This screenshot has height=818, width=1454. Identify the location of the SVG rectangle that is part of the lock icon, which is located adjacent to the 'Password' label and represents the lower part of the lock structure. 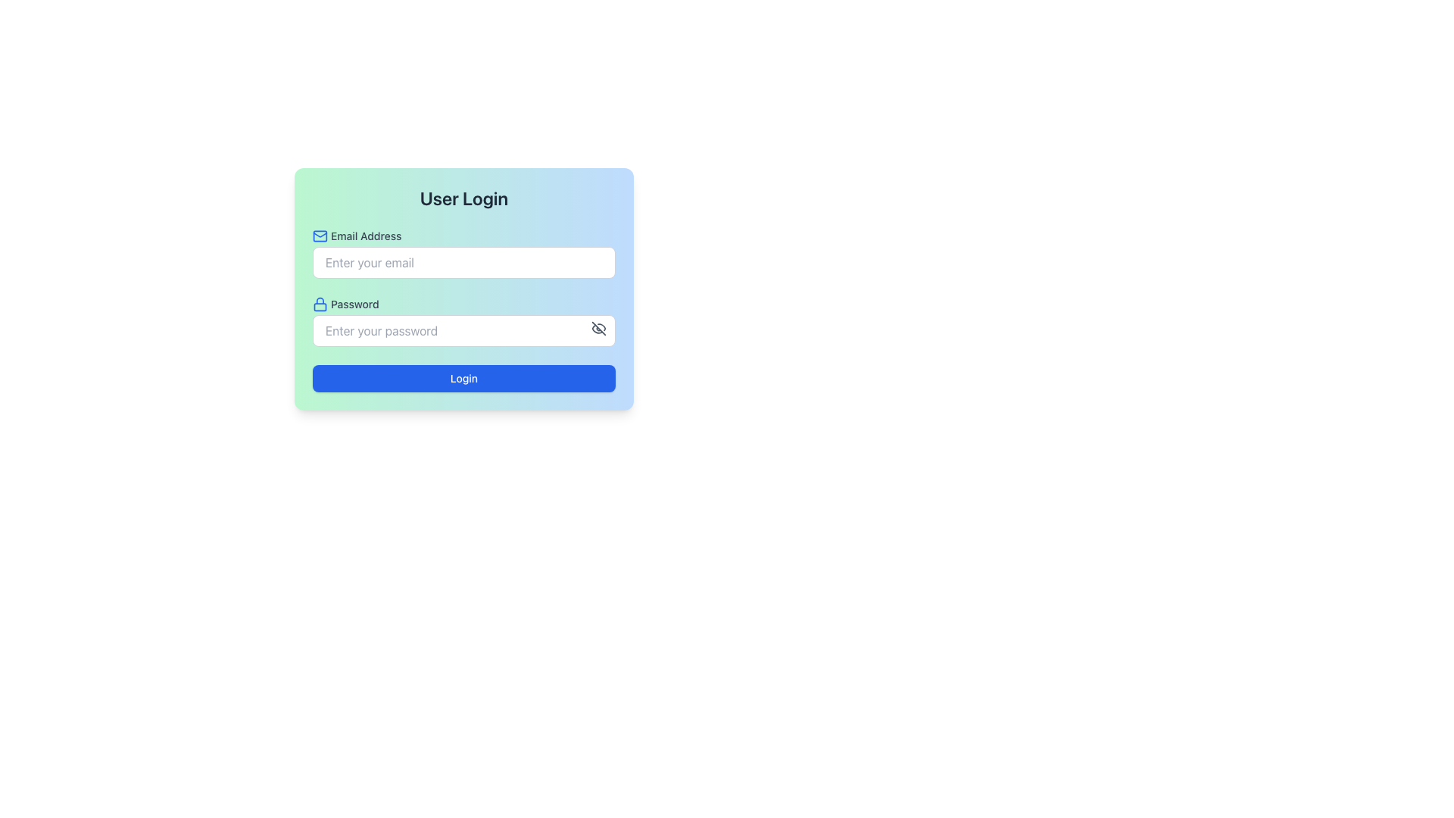
(319, 307).